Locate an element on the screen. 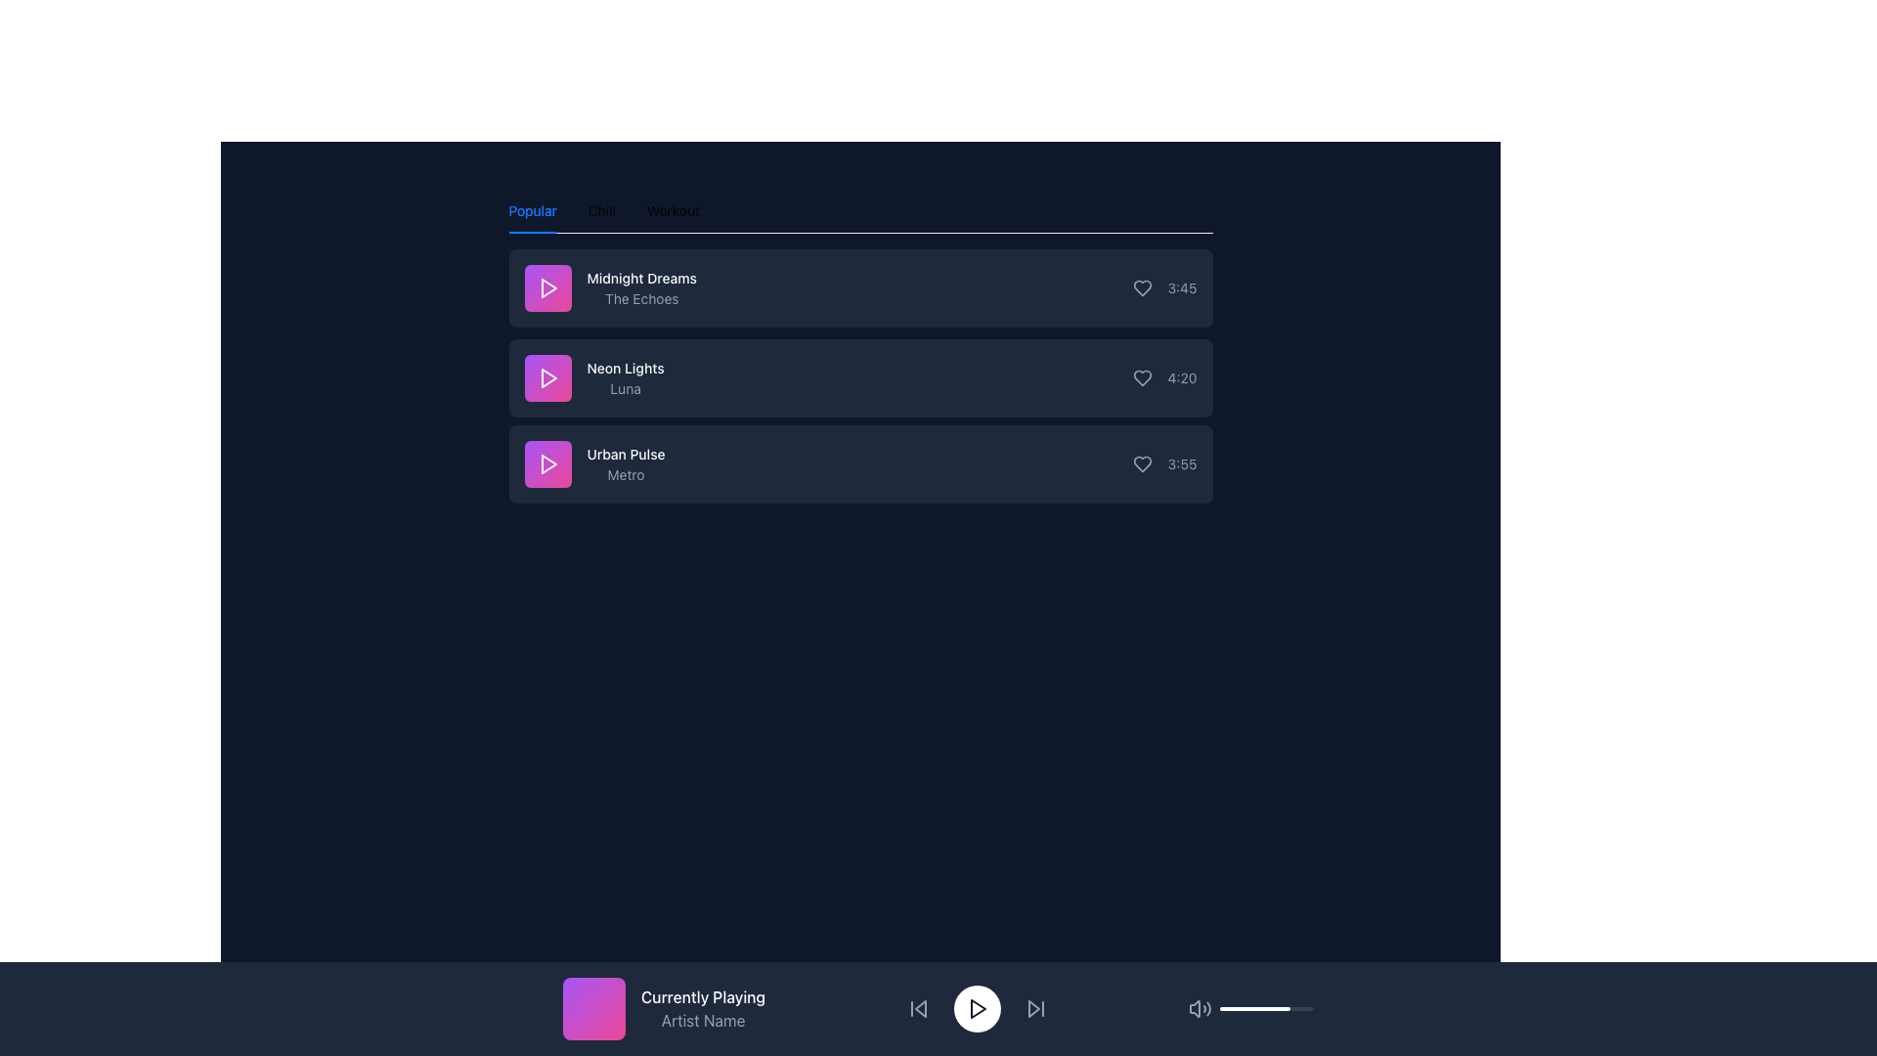 The image size is (1877, 1056). the play button associated with the 'Urban Pulse' item is located at coordinates (547, 463).